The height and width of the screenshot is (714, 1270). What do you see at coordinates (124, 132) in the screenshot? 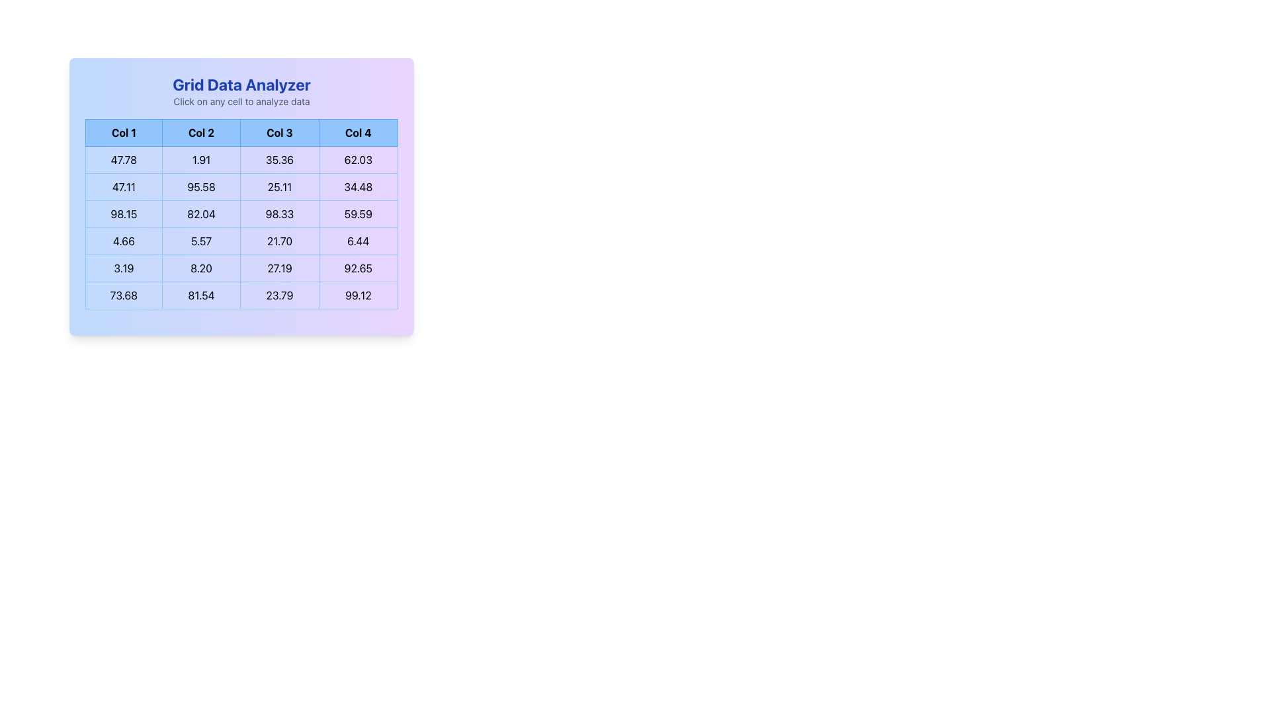
I see `the first Table Header Cell in the data grid` at bounding box center [124, 132].